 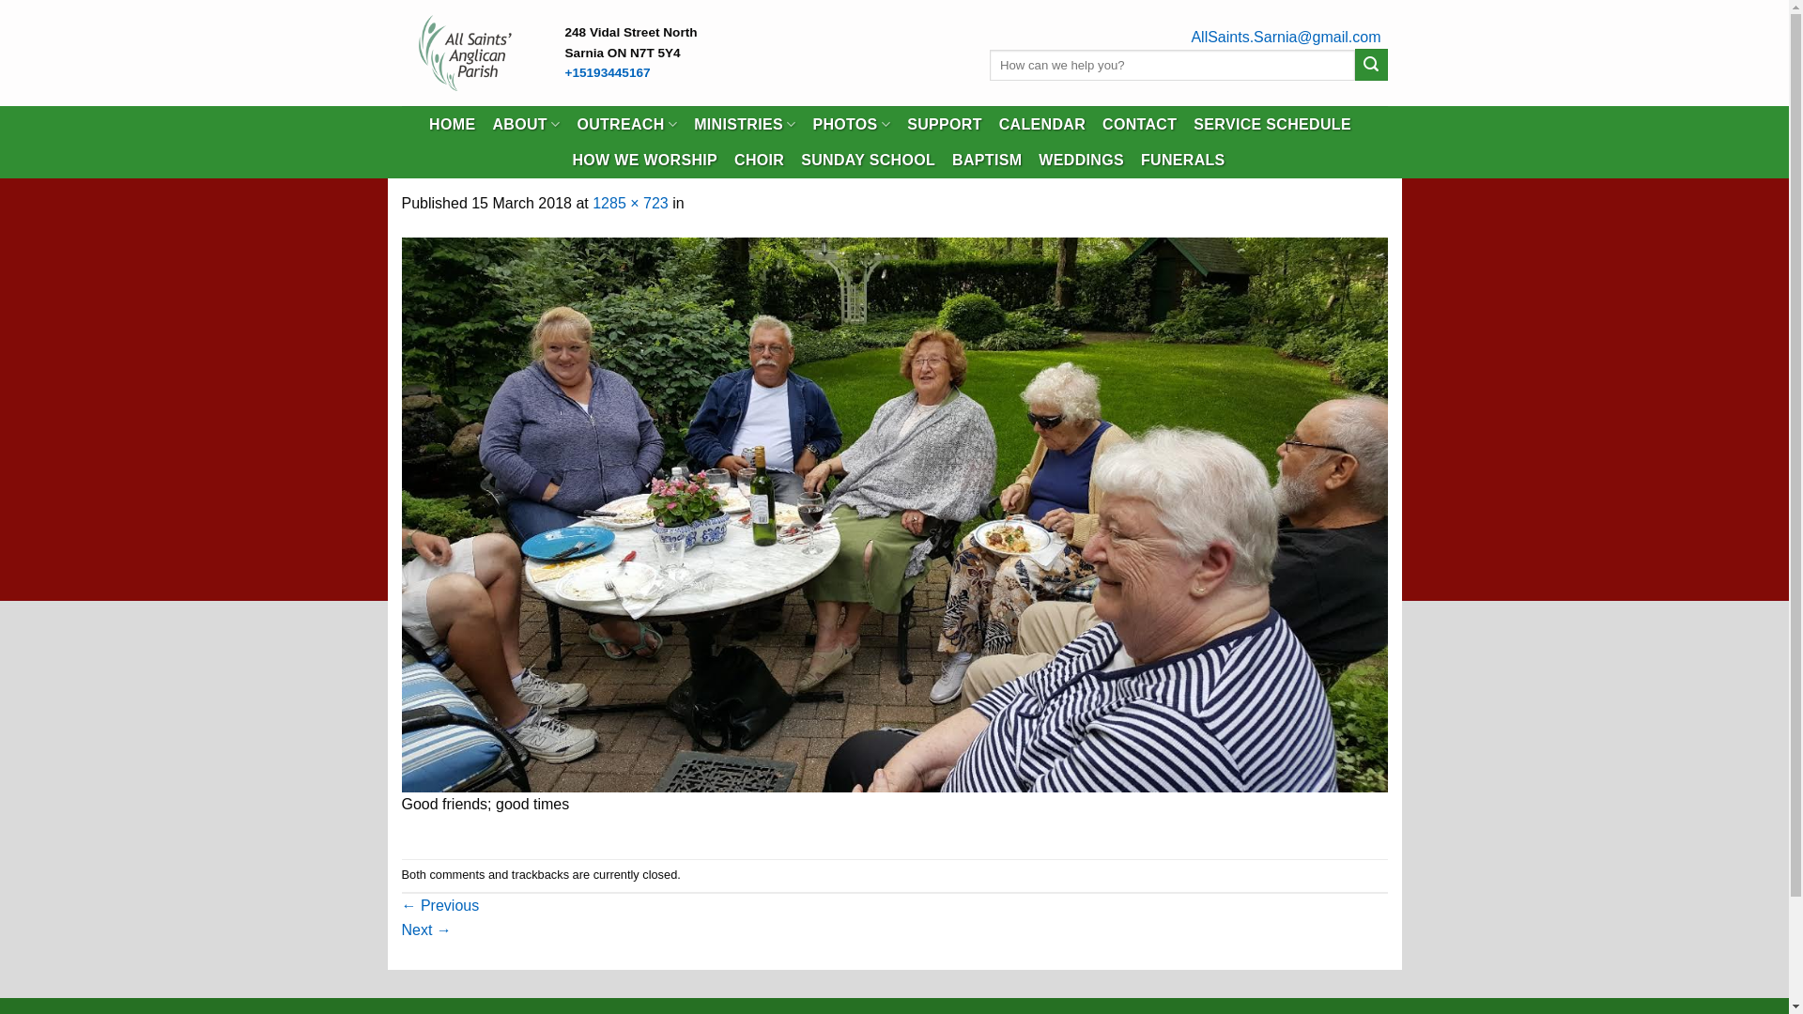 What do you see at coordinates (1081, 159) in the screenshot?
I see `'WEDDINGS'` at bounding box center [1081, 159].